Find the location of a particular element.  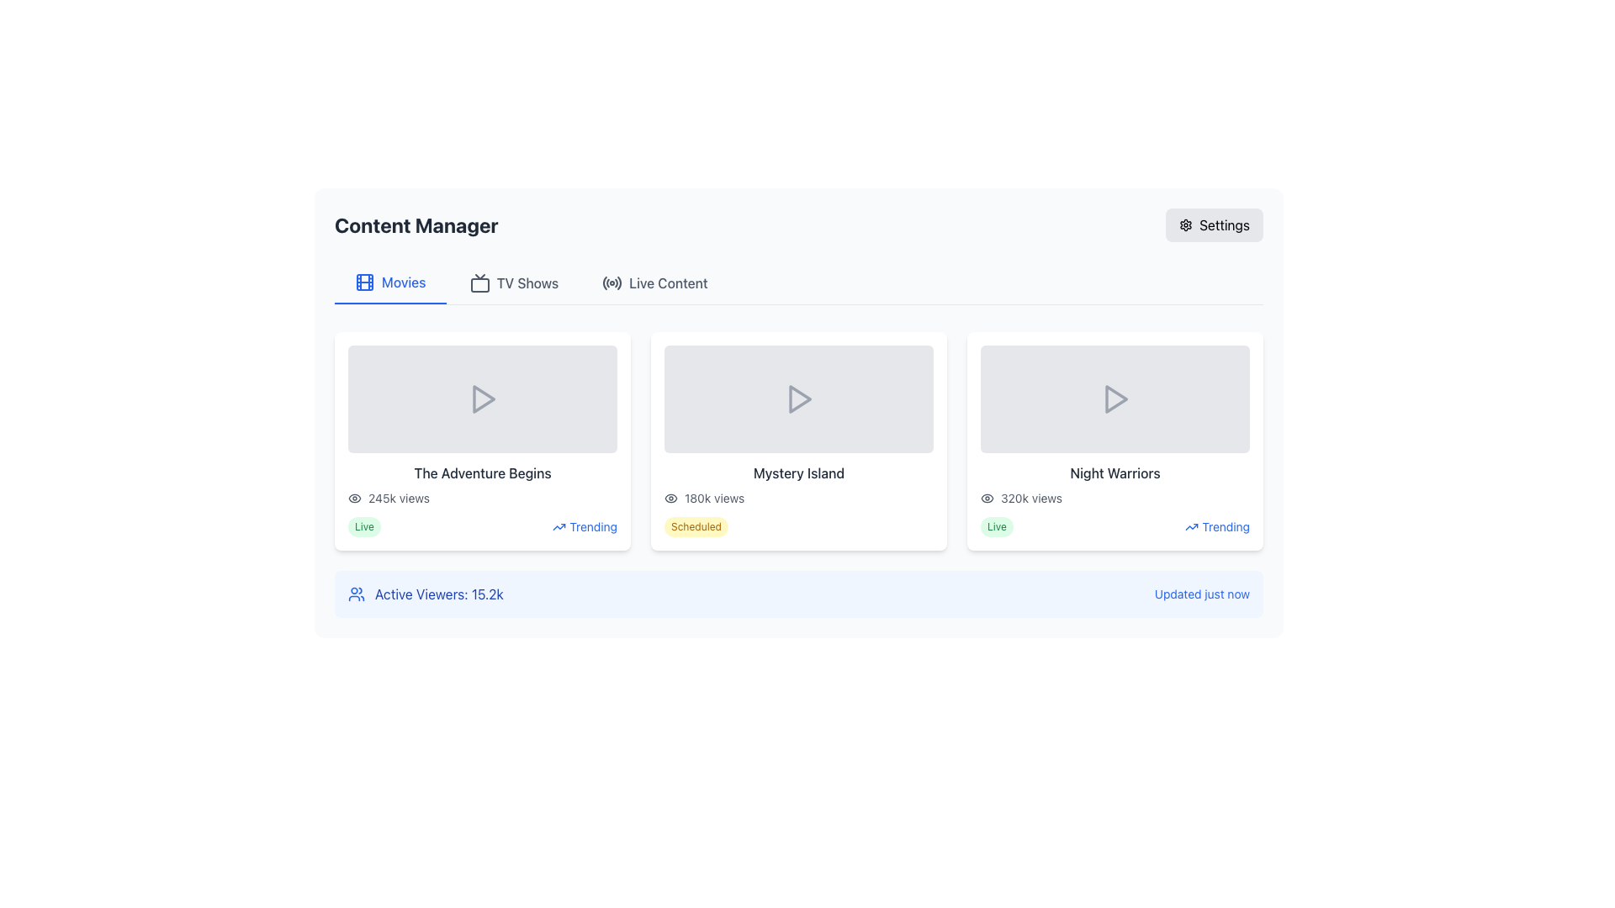

the visibility icon located in the rightmost card of the second row, which symbolizes the number of views for the associated content is located at coordinates (988, 498).